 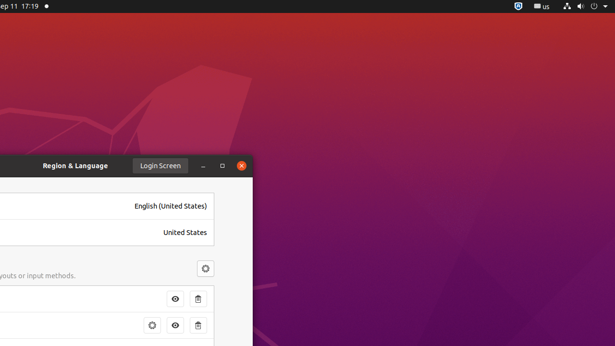 I want to click on 'Close', so click(x=242, y=165).